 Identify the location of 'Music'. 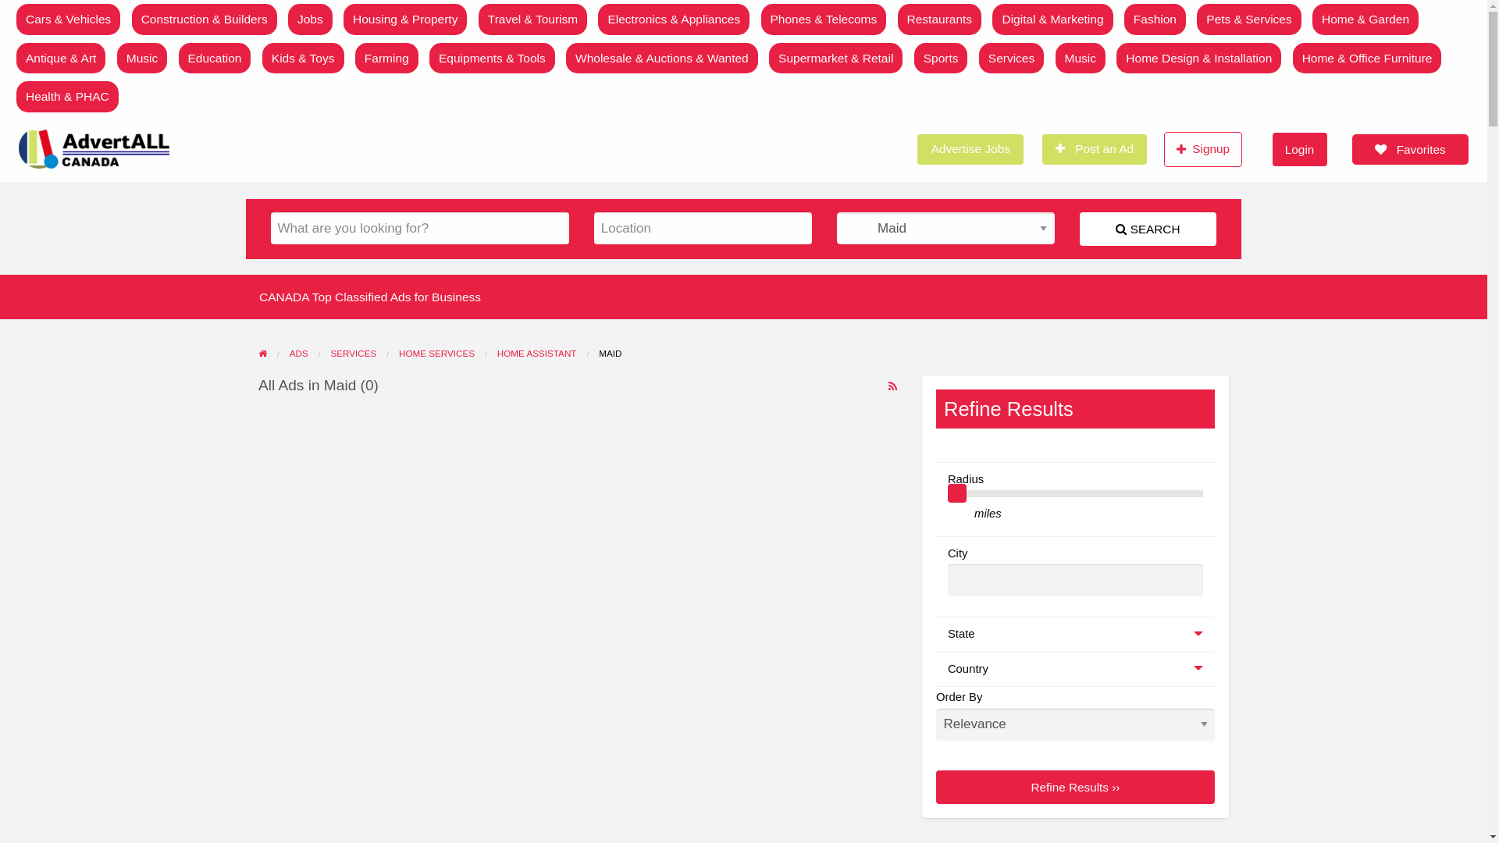
(142, 57).